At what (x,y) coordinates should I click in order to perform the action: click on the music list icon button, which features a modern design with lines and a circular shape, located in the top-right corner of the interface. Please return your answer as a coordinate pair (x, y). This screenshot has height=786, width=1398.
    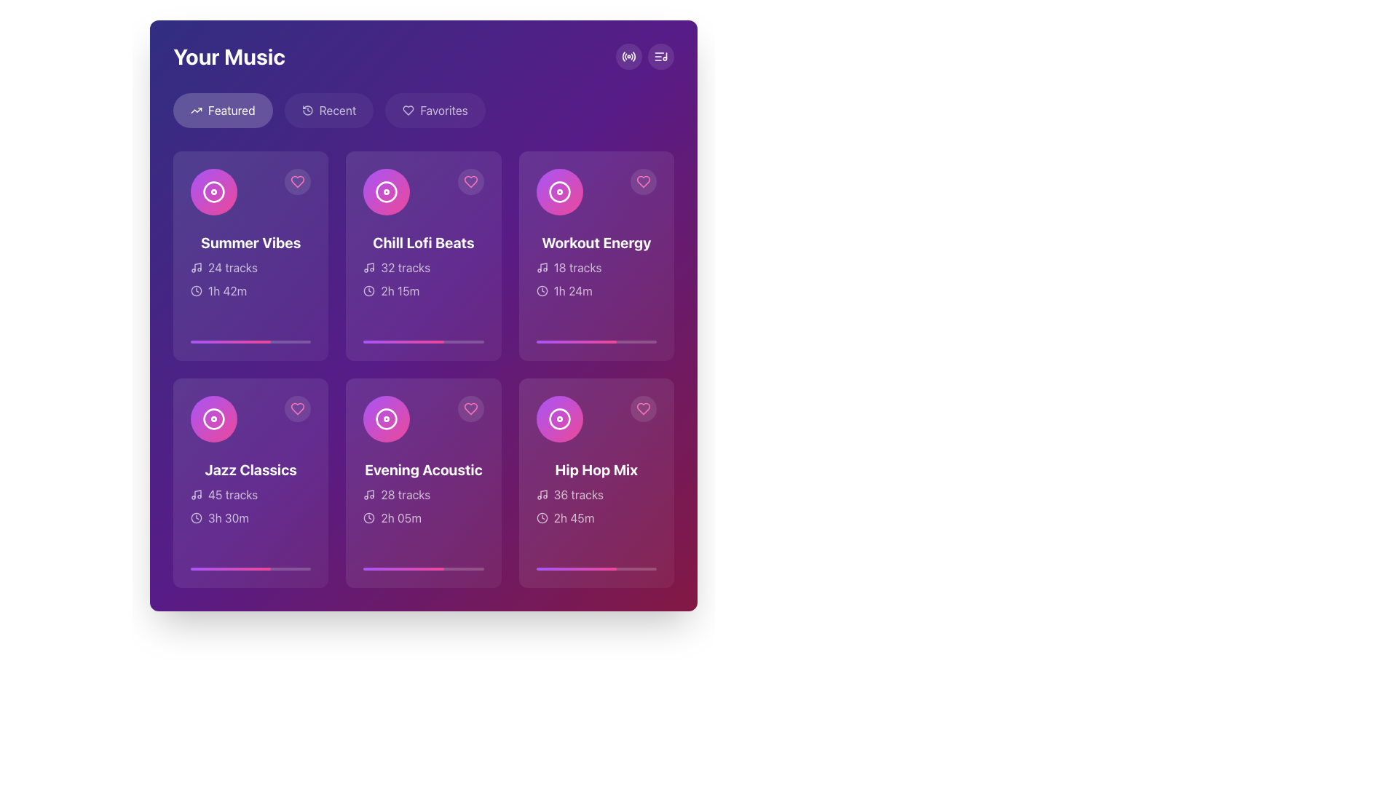
    Looking at the image, I should click on (660, 55).